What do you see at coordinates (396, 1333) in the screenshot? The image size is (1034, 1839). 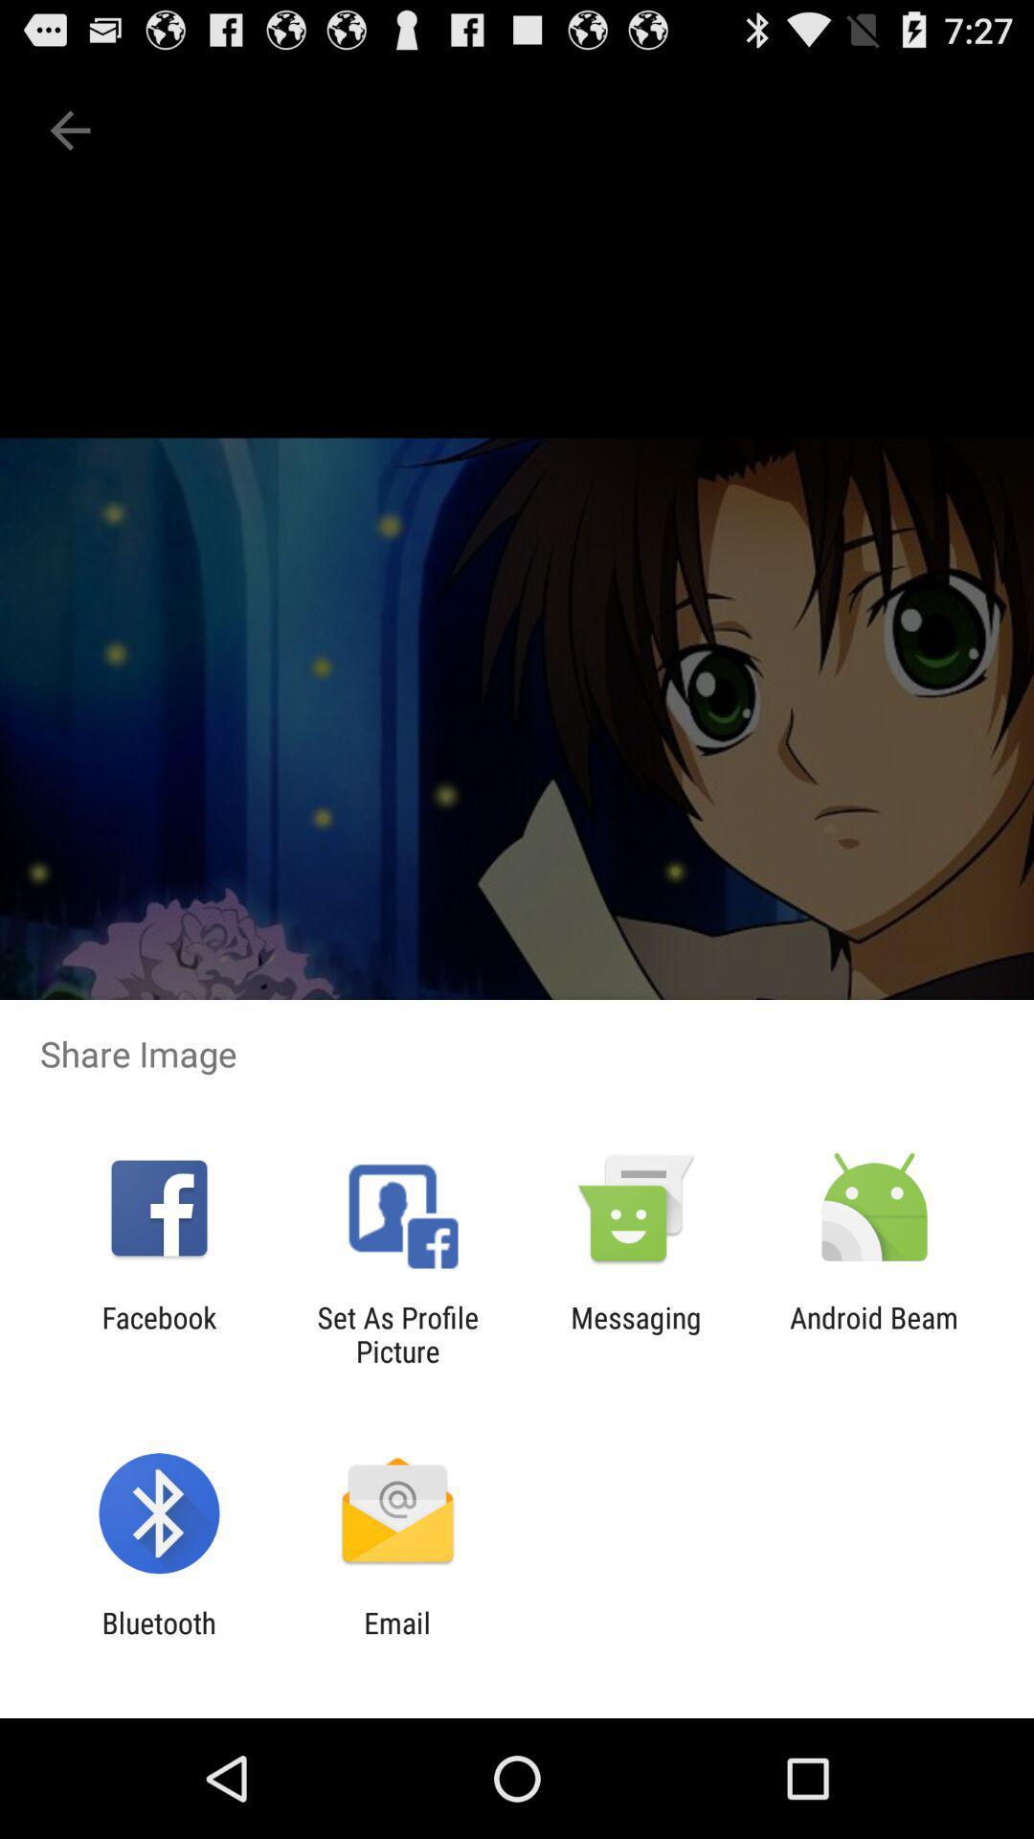 I see `the app next to facebook app` at bounding box center [396, 1333].